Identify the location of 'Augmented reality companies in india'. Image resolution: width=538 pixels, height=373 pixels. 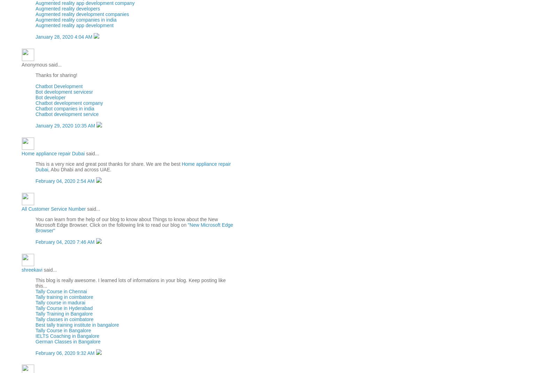
(35, 19).